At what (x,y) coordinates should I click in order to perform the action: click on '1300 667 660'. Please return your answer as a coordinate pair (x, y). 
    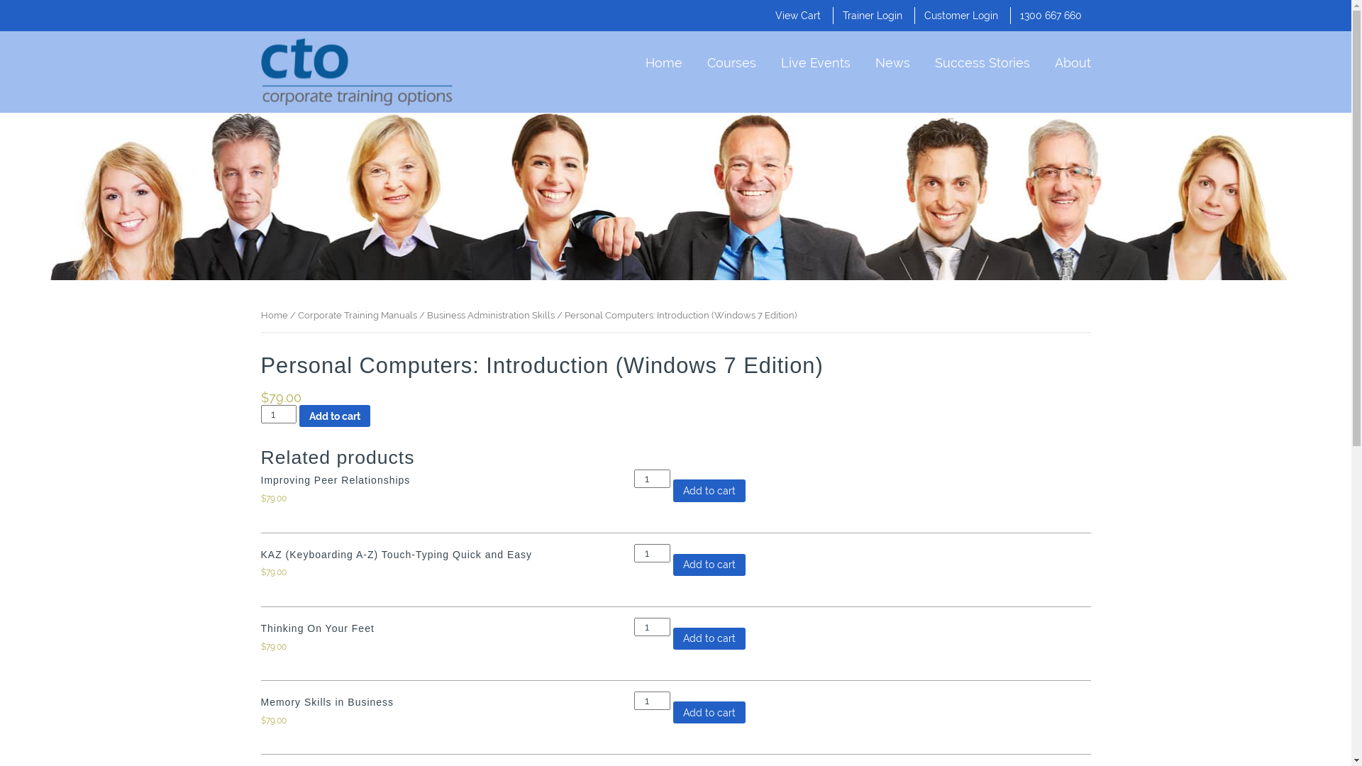
    Looking at the image, I should click on (1051, 16).